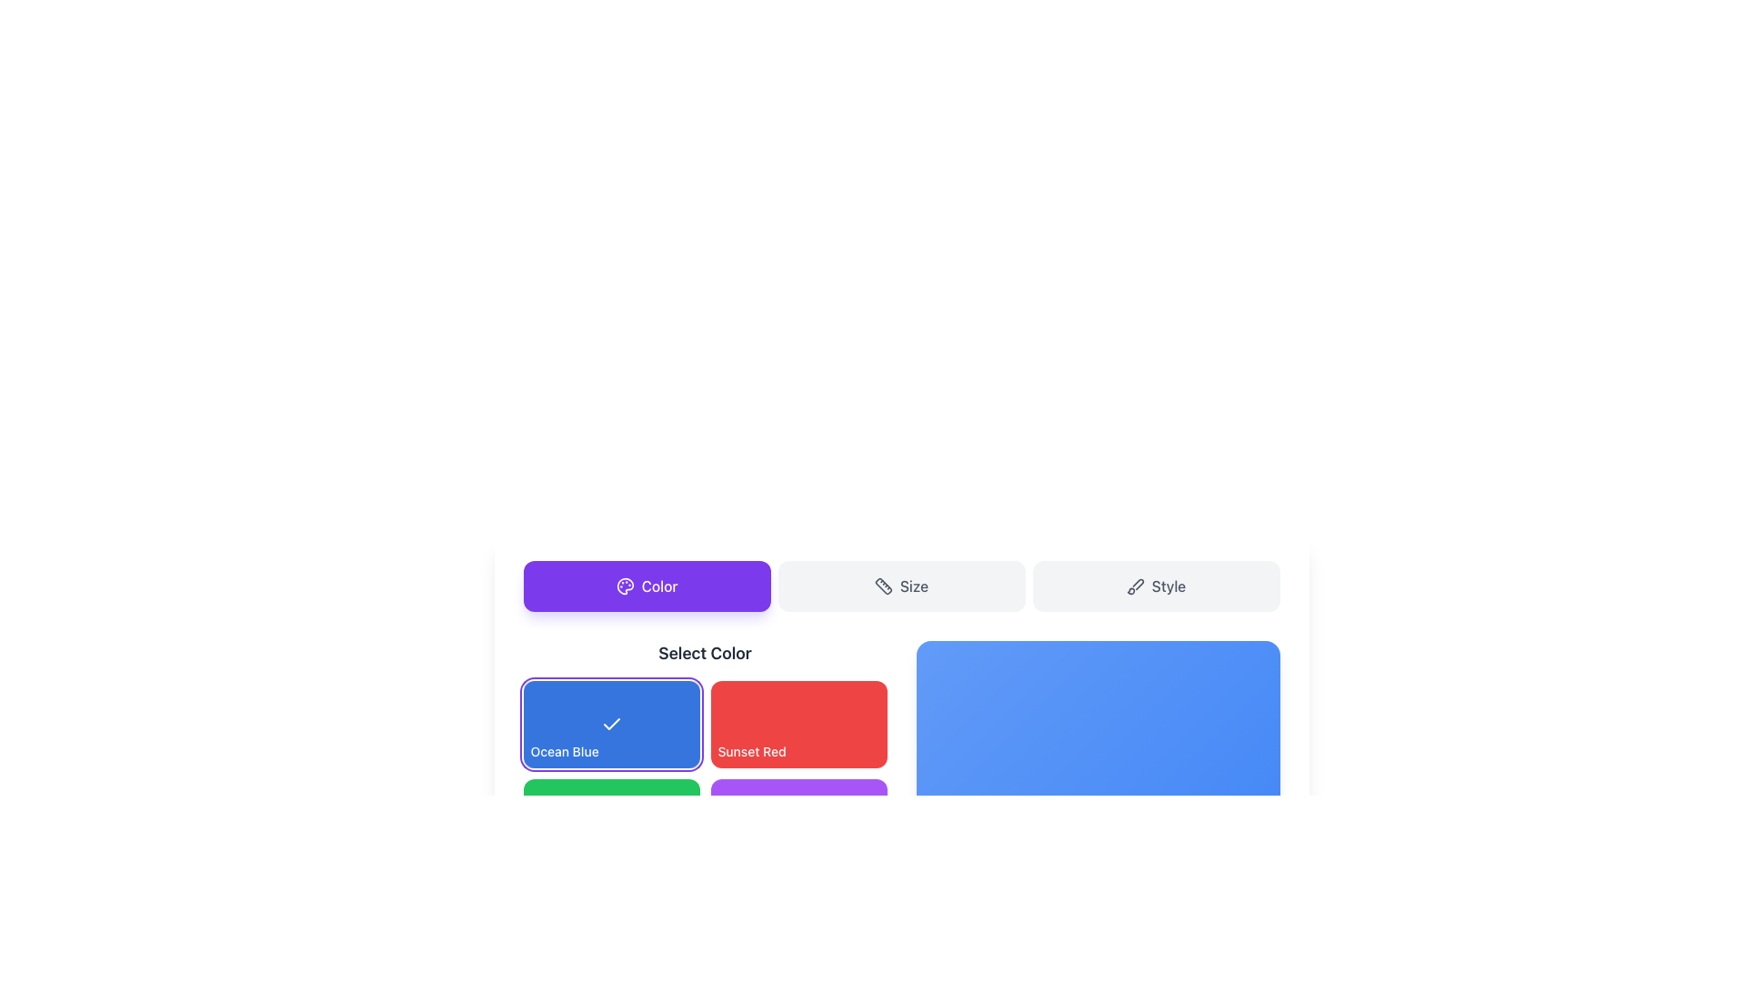  What do you see at coordinates (901, 586) in the screenshot?
I see `the 'Size' button, which is a rectangular button with rounded corners and a ruler icon to the left of the 'Size' label` at bounding box center [901, 586].